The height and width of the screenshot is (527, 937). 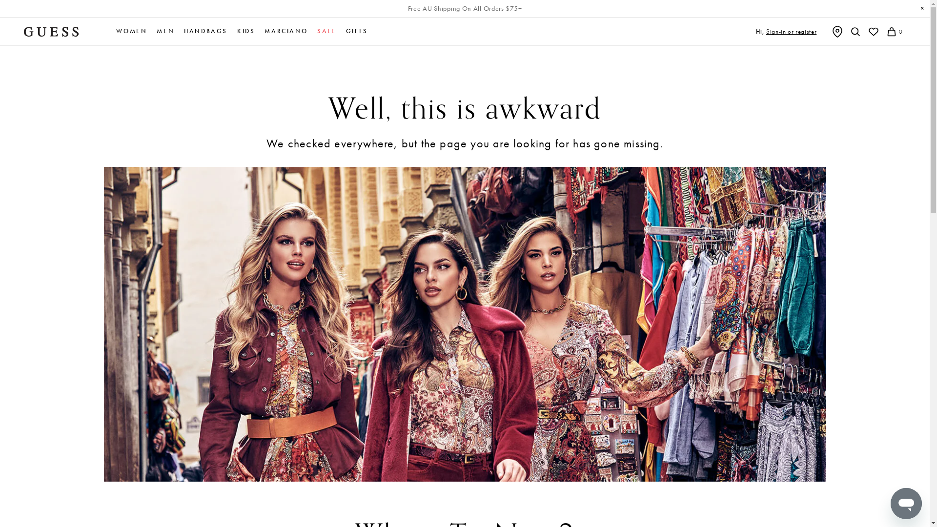 I want to click on 'HANDBAGS', so click(x=184, y=31).